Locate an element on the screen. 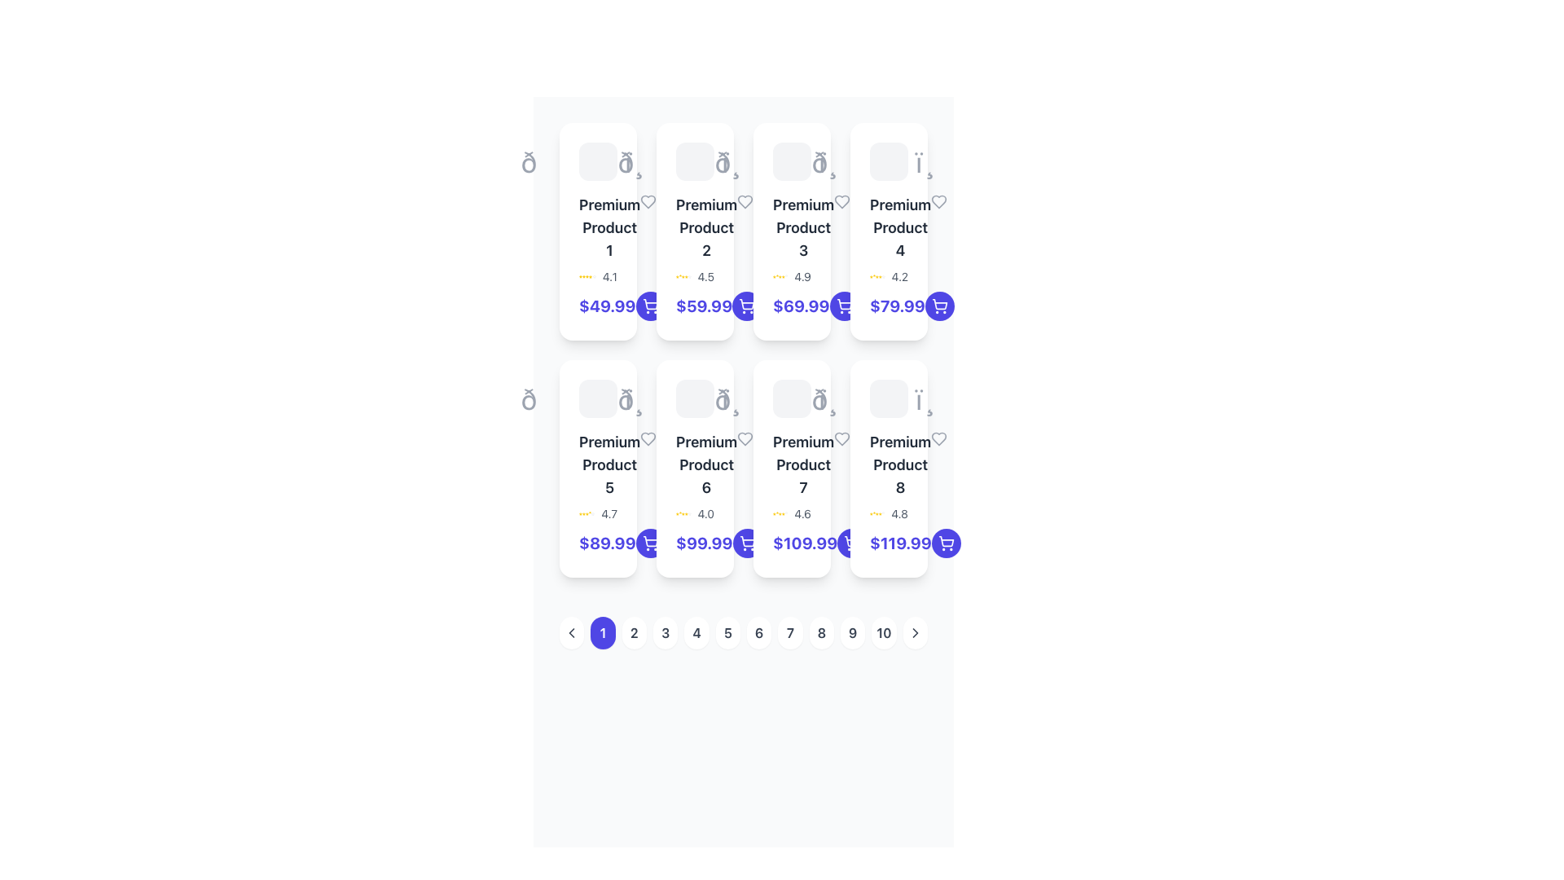 The height and width of the screenshot is (880, 1564). the favorite icon located in the top-right corner of the 'Premium Product 3' card is located at coordinates (842, 200).